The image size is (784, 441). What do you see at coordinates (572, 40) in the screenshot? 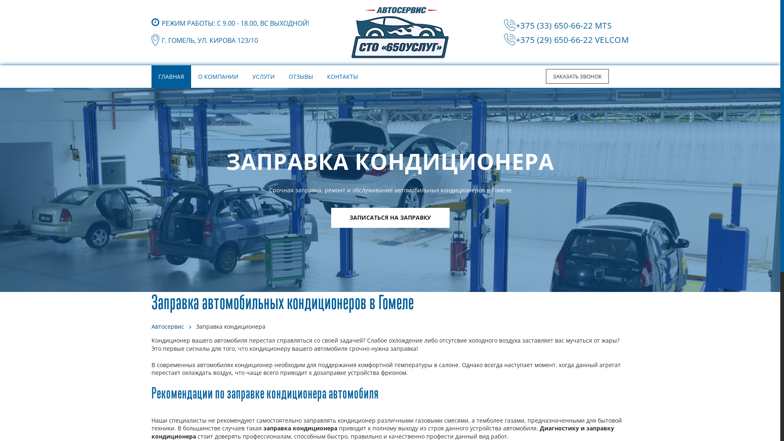
I see `'+375 (29) 650-66-22 VELCOM'` at bounding box center [572, 40].